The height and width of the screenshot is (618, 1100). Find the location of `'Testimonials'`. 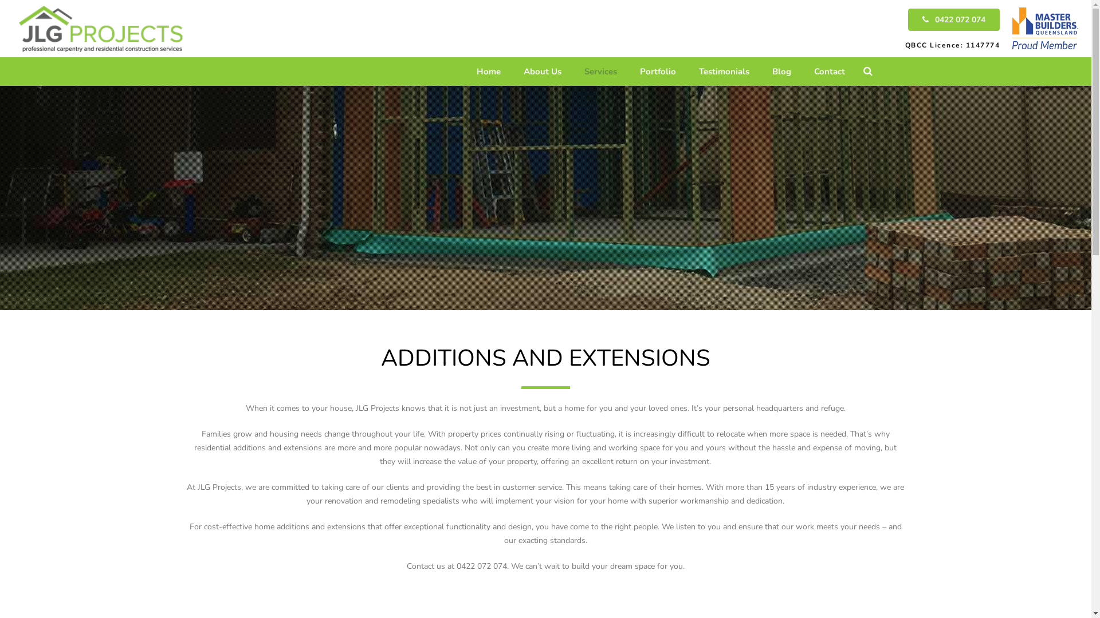

'Testimonials' is located at coordinates (723, 71).